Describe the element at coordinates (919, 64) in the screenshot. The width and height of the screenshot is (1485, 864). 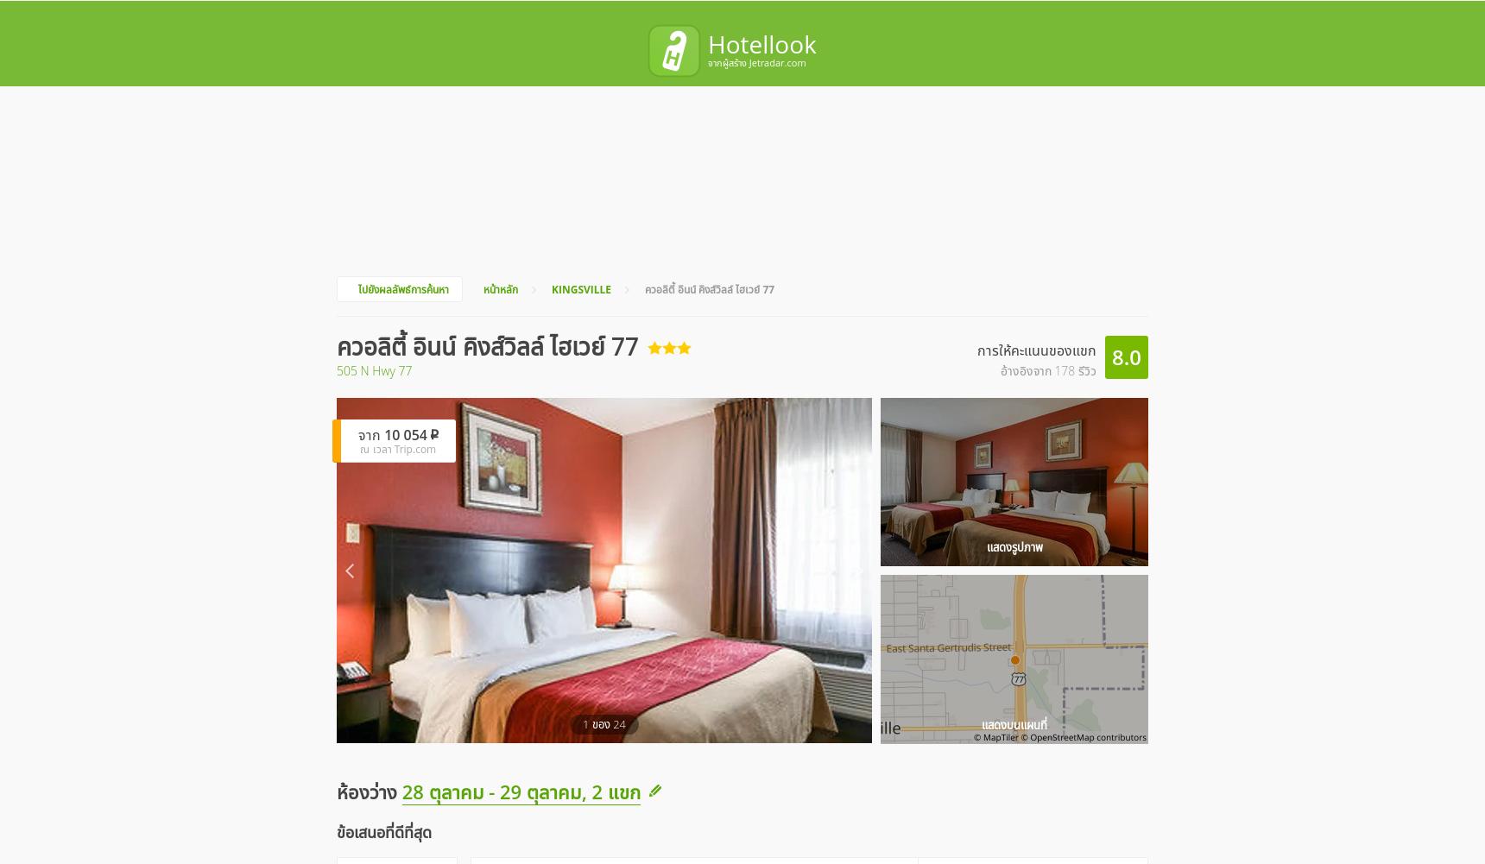
I see `'2 แขก'` at that location.